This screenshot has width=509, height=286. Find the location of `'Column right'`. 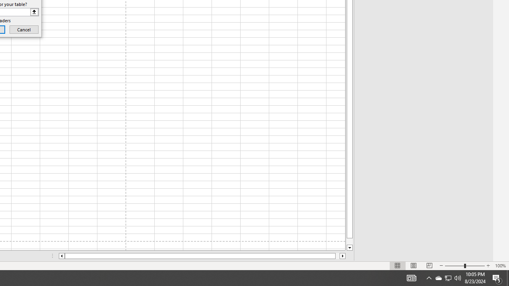

'Column right' is located at coordinates (343, 256).